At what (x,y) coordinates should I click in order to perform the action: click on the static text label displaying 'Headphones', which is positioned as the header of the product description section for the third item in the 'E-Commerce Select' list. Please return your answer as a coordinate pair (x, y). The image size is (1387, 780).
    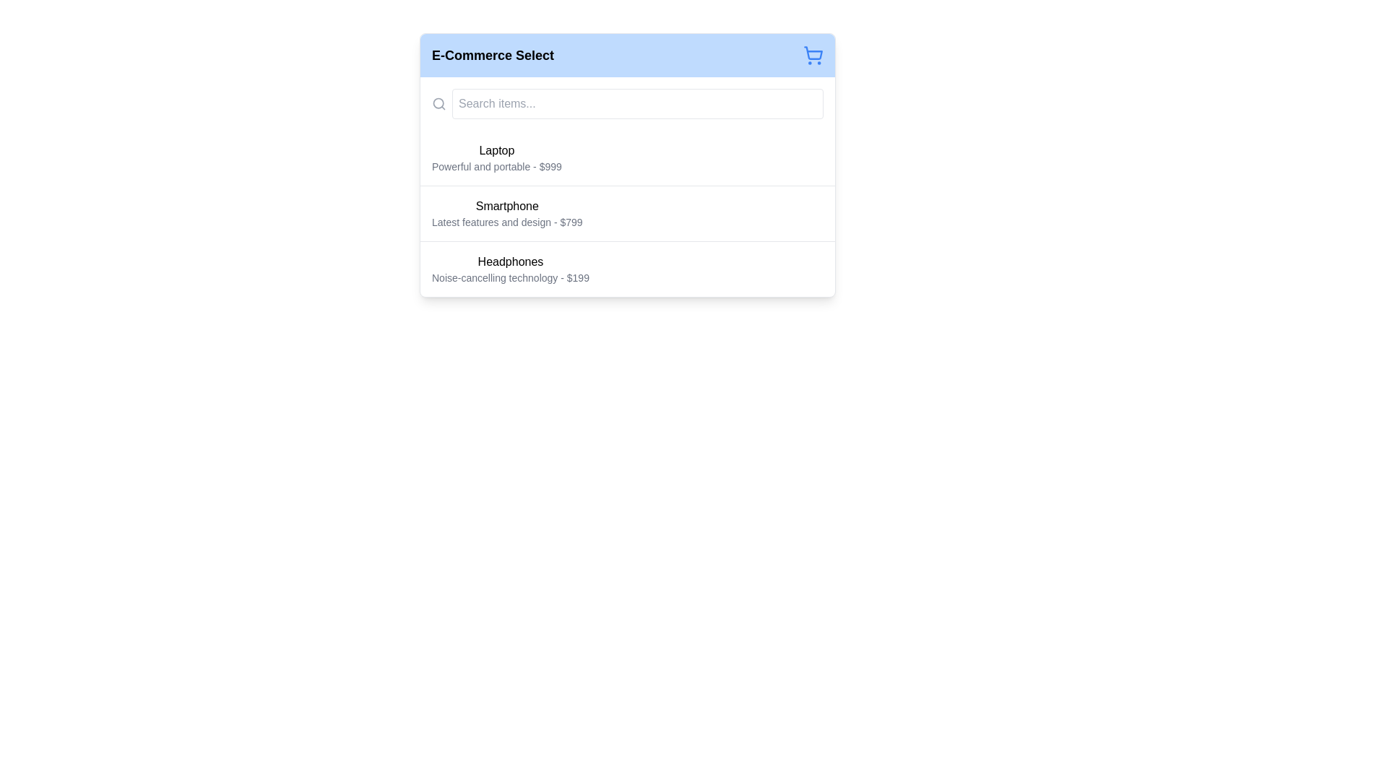
    Looking at the image, I should click on (510, 261).